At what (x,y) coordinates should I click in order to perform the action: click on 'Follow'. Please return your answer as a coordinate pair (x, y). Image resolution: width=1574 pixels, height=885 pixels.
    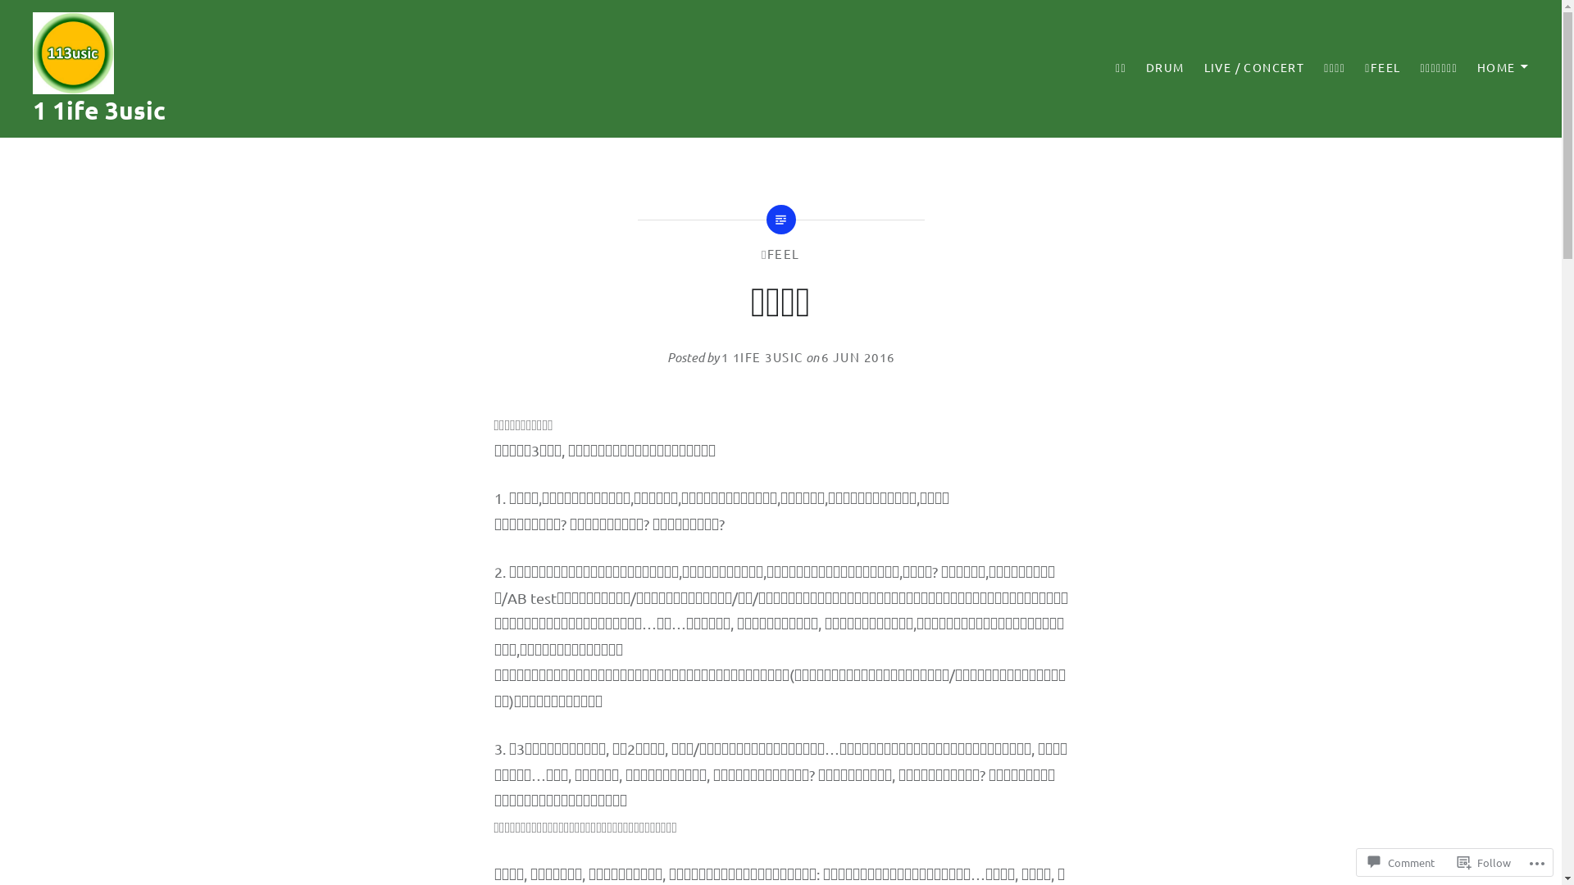
    Looking at the image, I should click on (1484, 861).